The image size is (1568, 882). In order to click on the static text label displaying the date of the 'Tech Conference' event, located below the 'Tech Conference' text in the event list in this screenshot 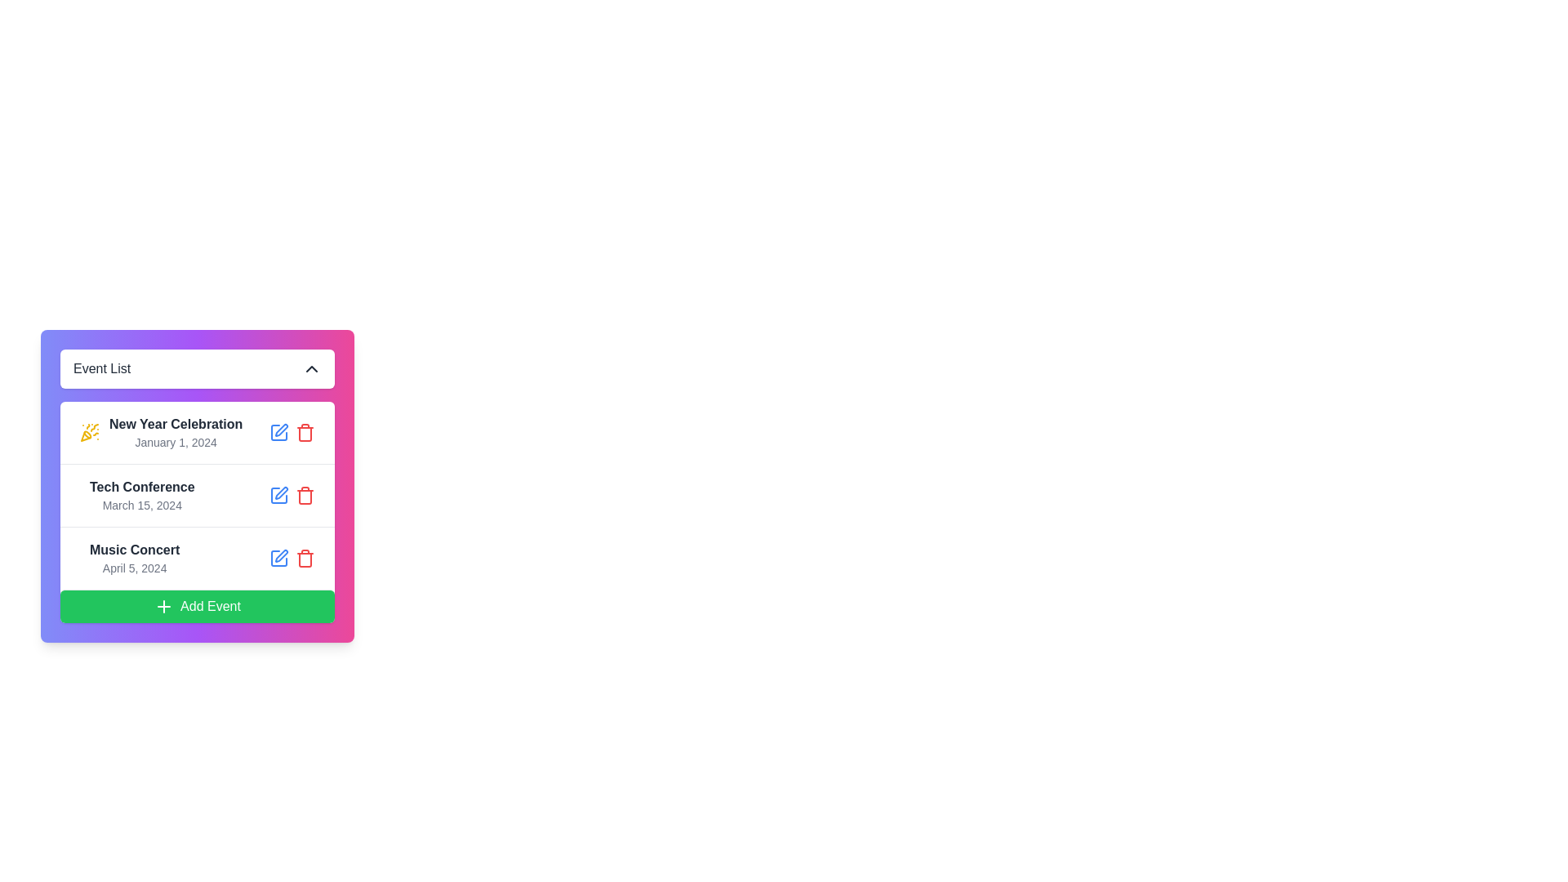, I will do `click(142, 504)`.